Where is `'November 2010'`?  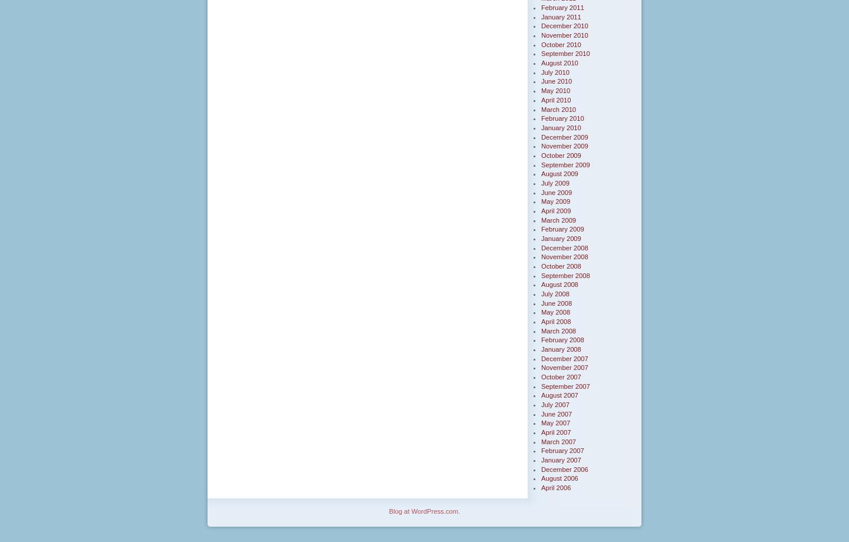
'November 2010' is located at coordinates (564, 35).